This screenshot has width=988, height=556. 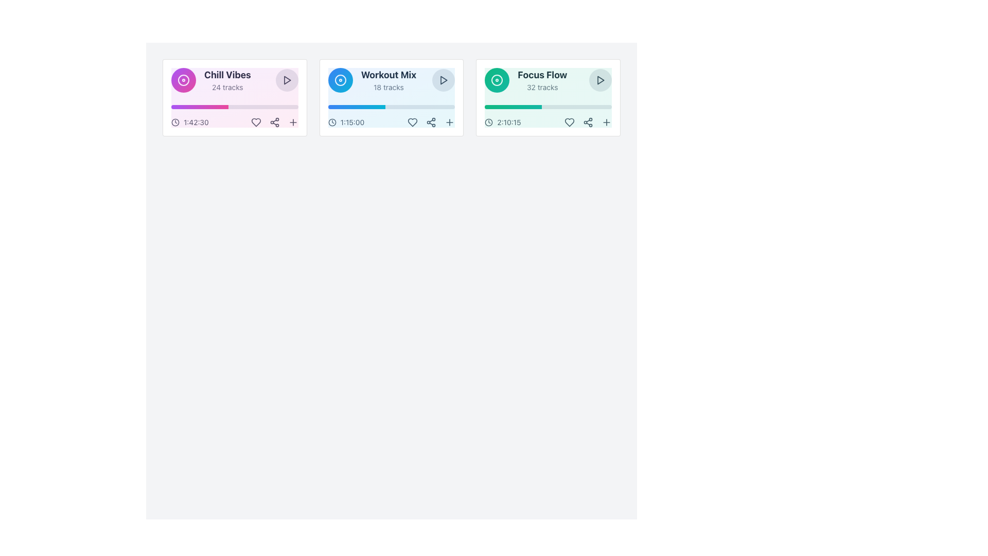 I want to click on the group of interactive icons located at the bottom-right corner of the Focus Flow card to navigate through the individual icons, so click(x=588, y=122).